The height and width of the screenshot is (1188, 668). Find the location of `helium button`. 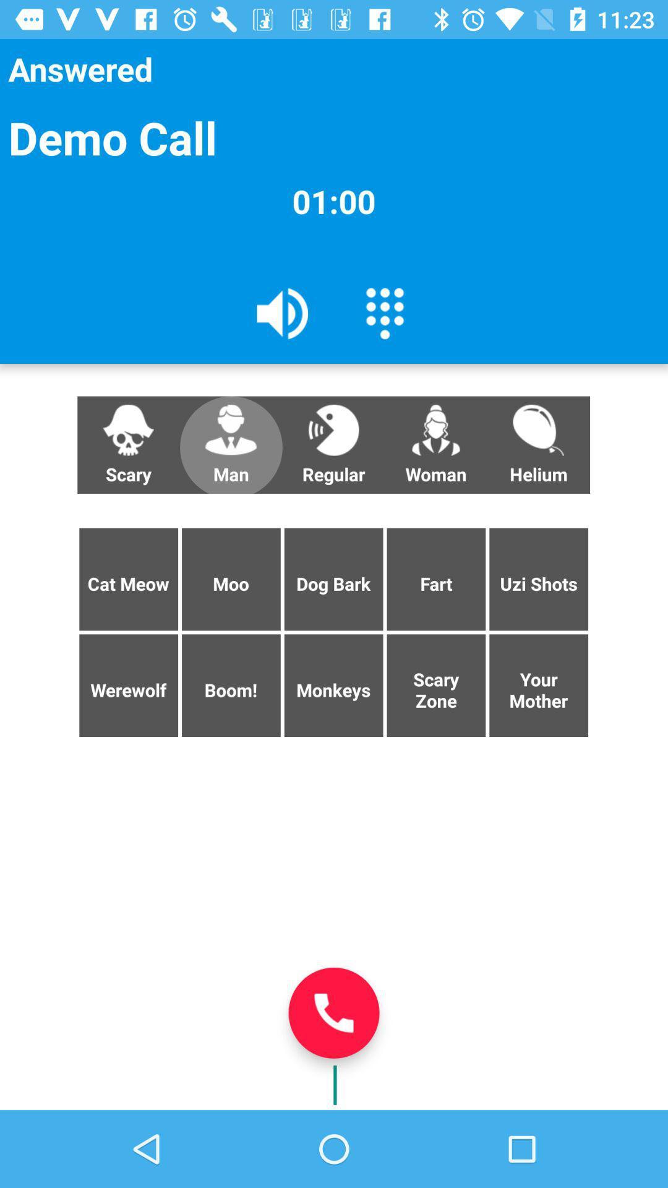

helium button is located at coordinates (538, 445).